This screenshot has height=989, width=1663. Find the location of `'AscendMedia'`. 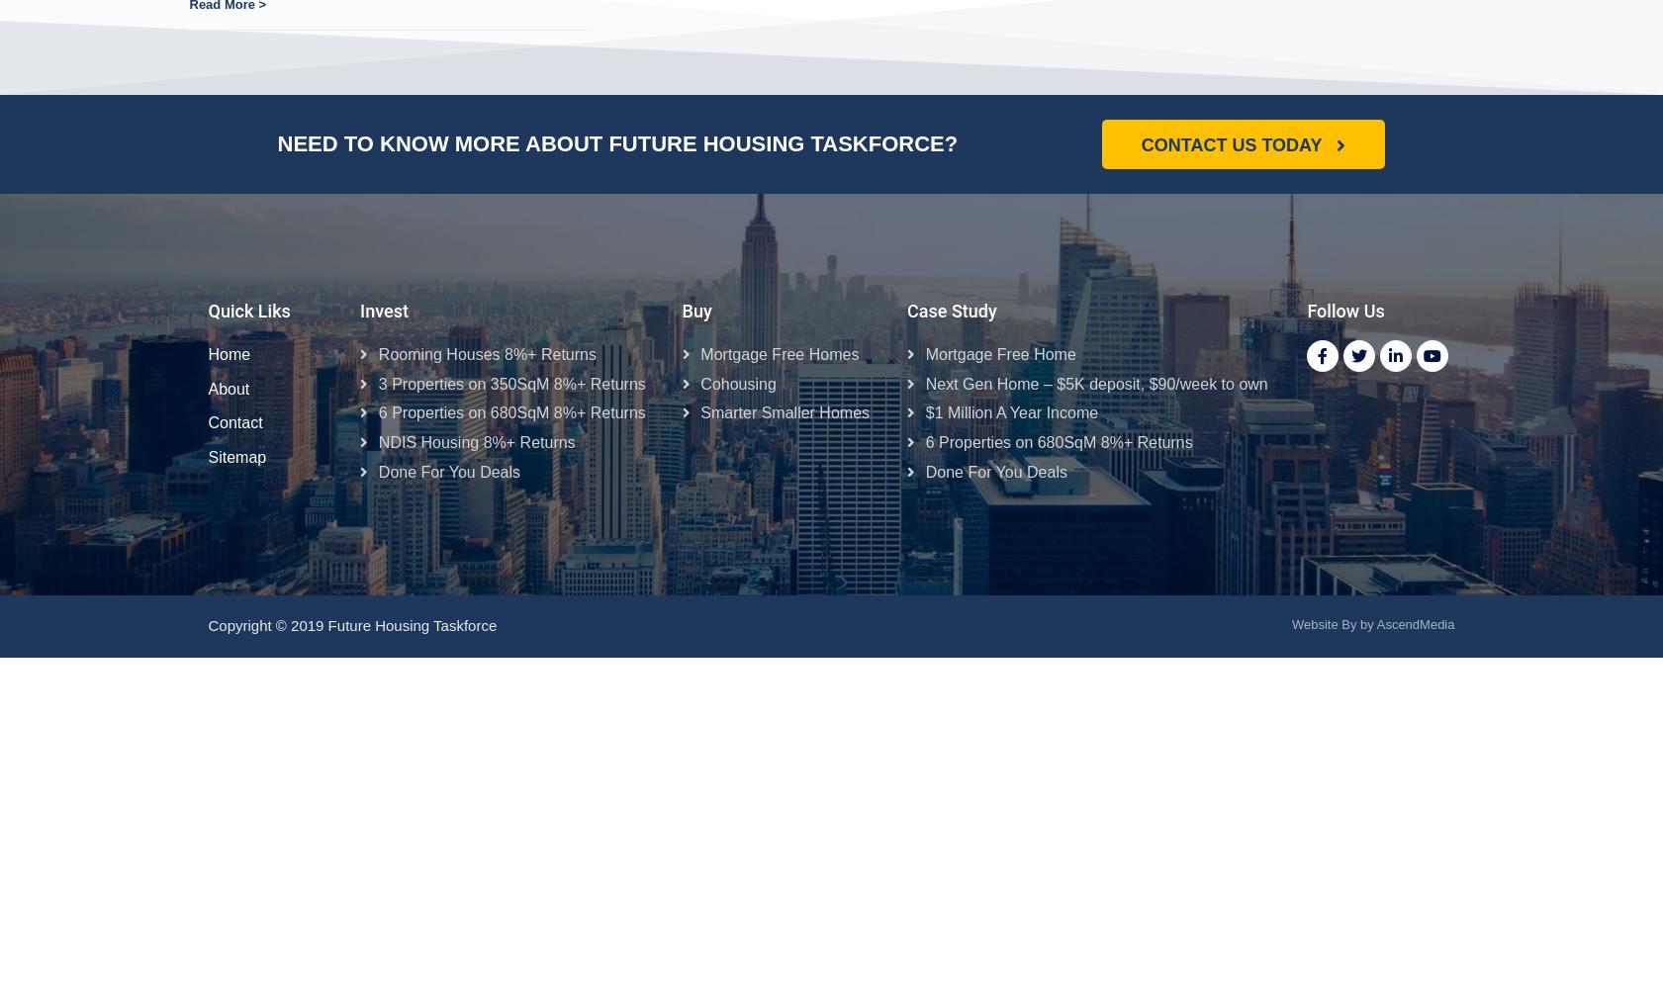

'AscendMedia' is located at coordinates (1414, 624).